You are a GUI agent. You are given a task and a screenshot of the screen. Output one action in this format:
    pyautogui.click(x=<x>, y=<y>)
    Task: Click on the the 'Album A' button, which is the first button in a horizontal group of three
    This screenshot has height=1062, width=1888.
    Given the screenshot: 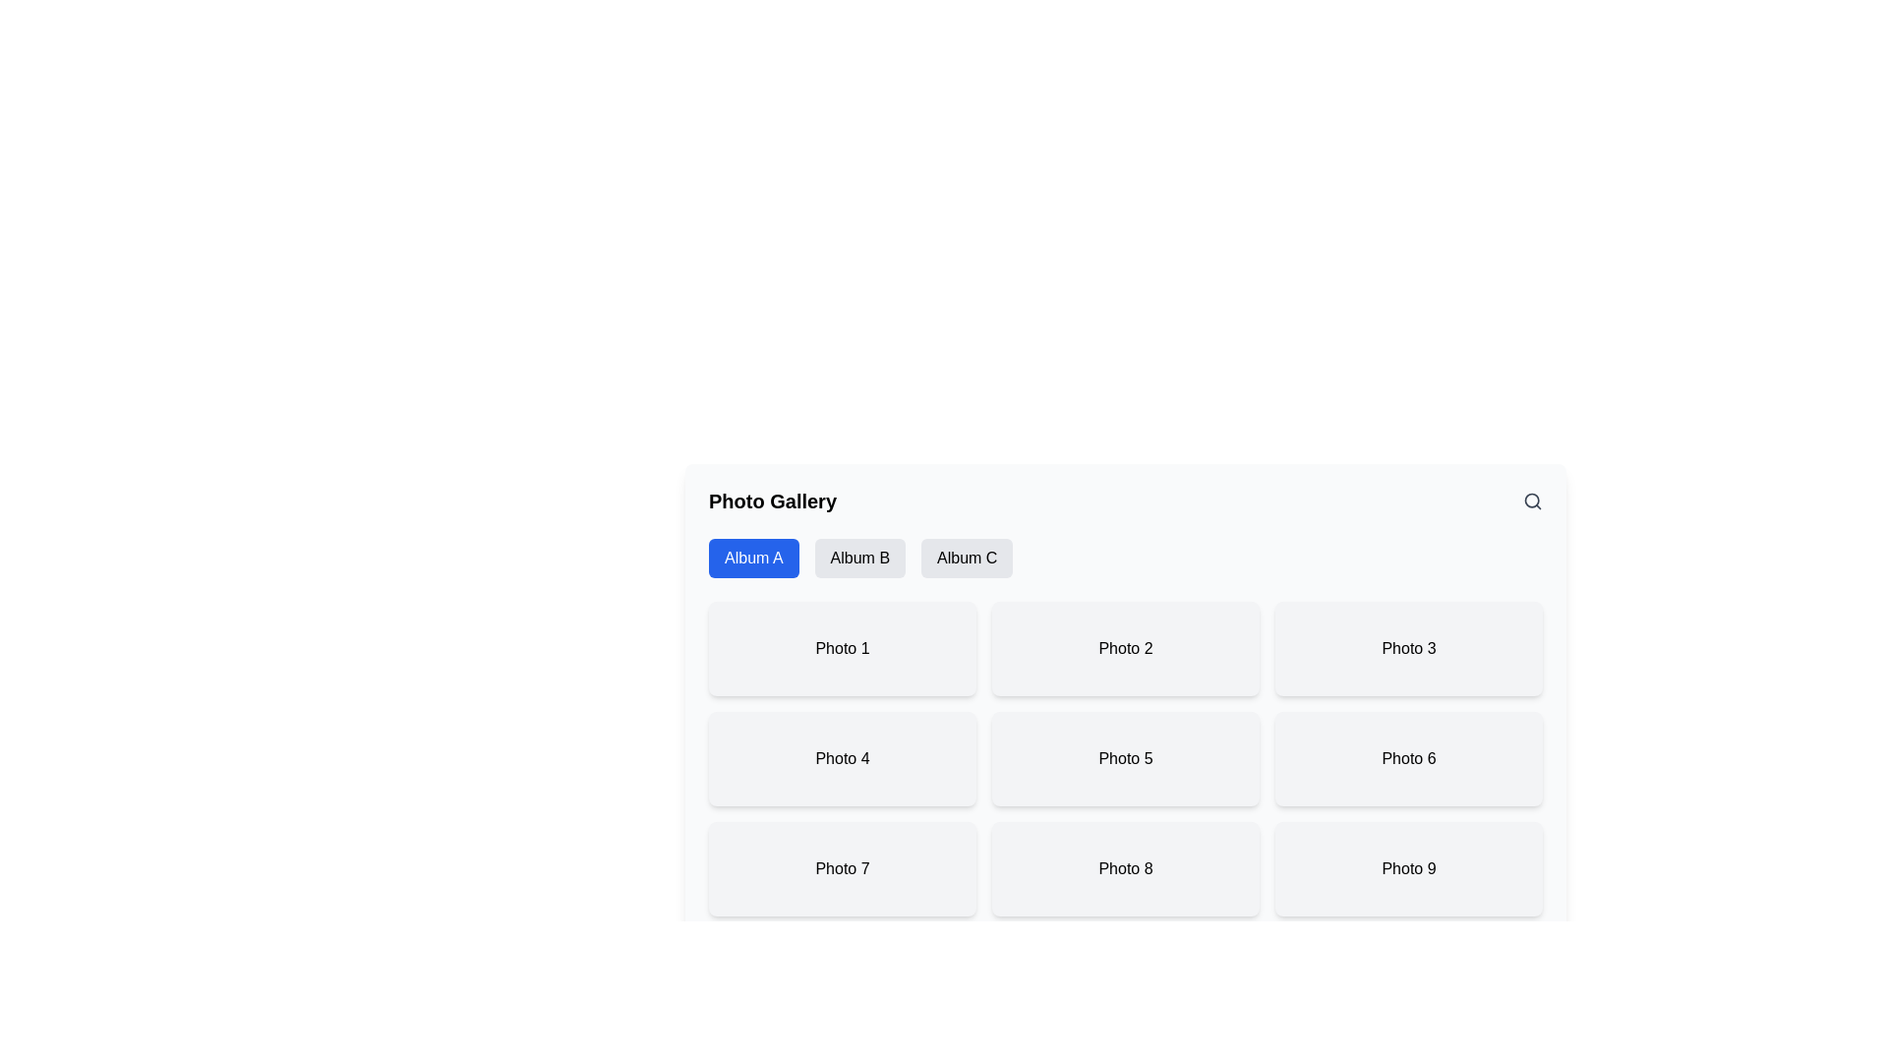 What is the action you would take?
    pyautogui.click(x=752, y=558)
    